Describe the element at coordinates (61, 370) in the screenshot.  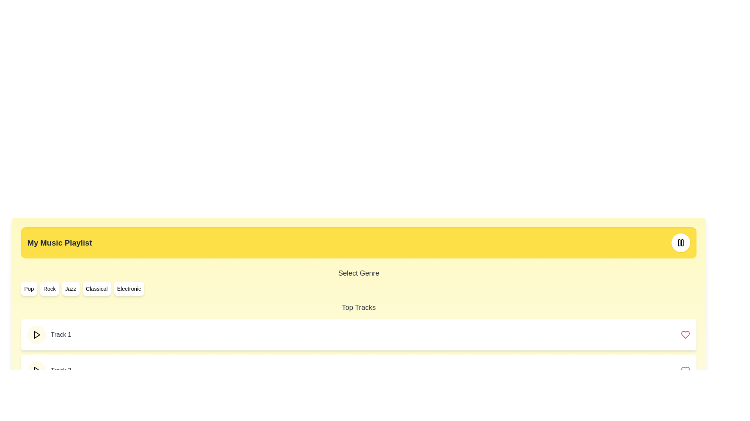
I see `the descriptive text label for the music track, which is positioned to the right of the circular play button within the playlist` at that location.